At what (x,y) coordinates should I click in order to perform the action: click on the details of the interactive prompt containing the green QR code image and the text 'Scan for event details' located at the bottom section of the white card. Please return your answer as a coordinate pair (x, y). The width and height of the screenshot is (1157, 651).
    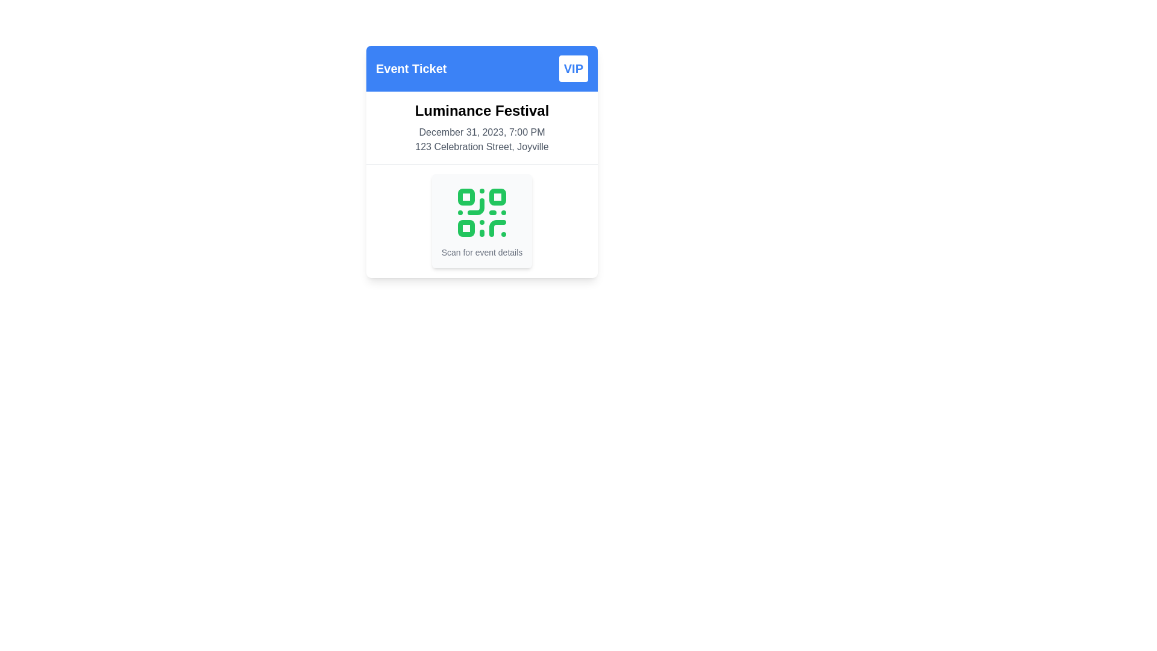
    Looking at the image, I should click on (482, 221).